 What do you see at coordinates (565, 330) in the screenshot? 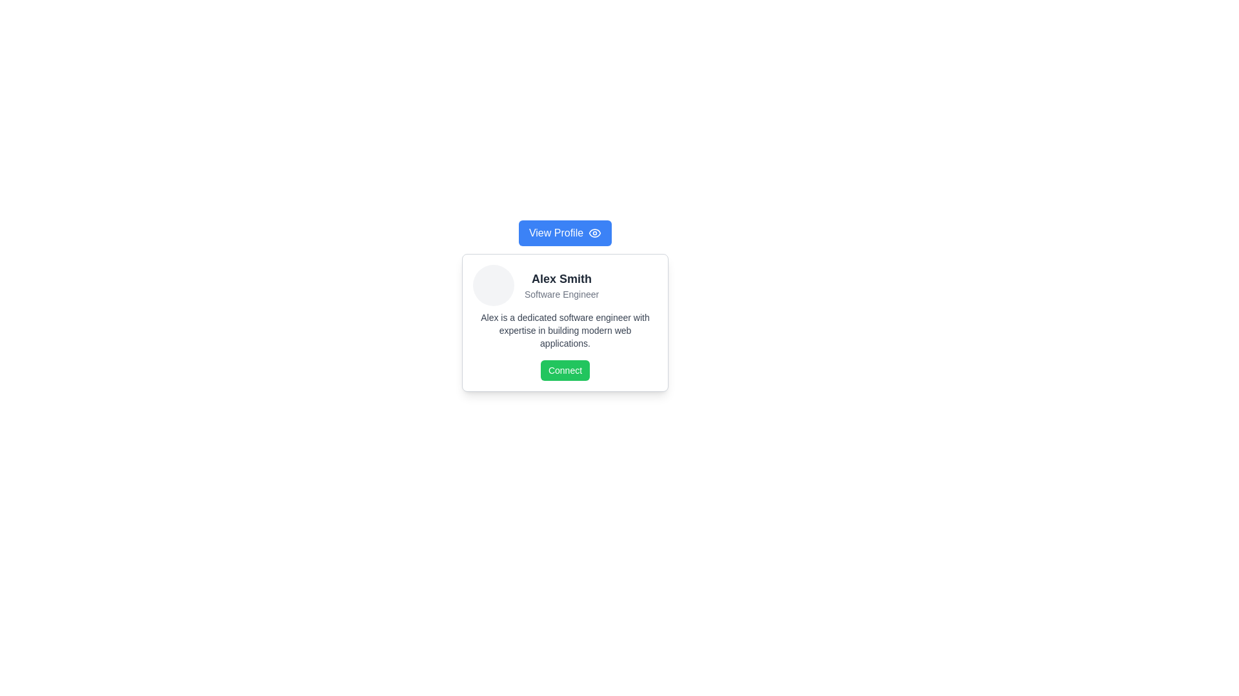
I see `the text block element that describes the professional background of an individual, which is styled in small gray font and positioned below the name 'Alex Smith' and above the 'Connect' button` at bounding box center [565, 330].